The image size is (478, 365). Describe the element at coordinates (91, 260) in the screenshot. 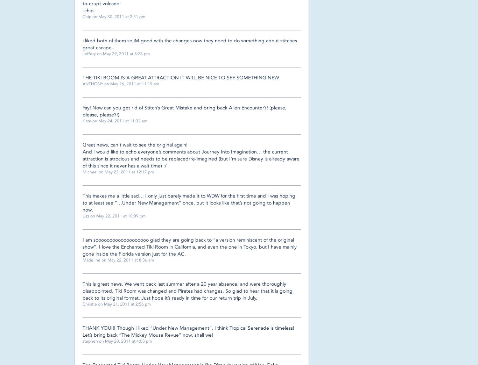

I see `'Madeline'` at that location.